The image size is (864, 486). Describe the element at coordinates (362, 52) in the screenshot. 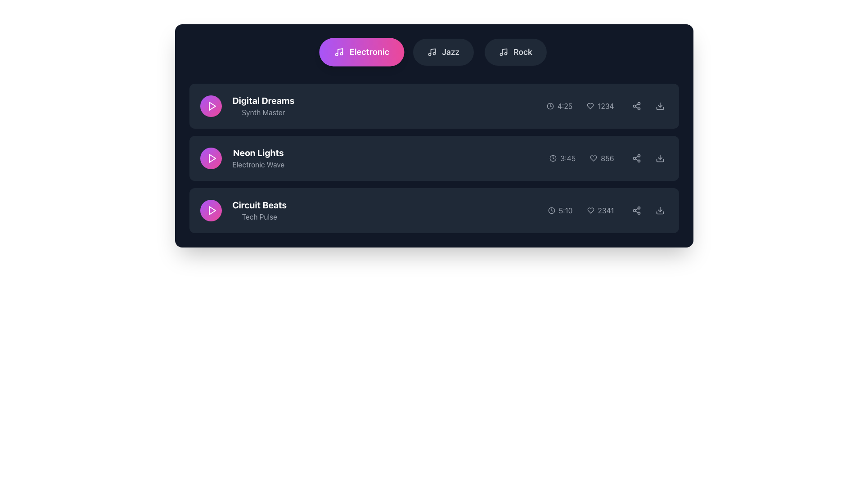

I see `the 'Electronic' category selector button, which is the leftmost button in a group of three` at that location.